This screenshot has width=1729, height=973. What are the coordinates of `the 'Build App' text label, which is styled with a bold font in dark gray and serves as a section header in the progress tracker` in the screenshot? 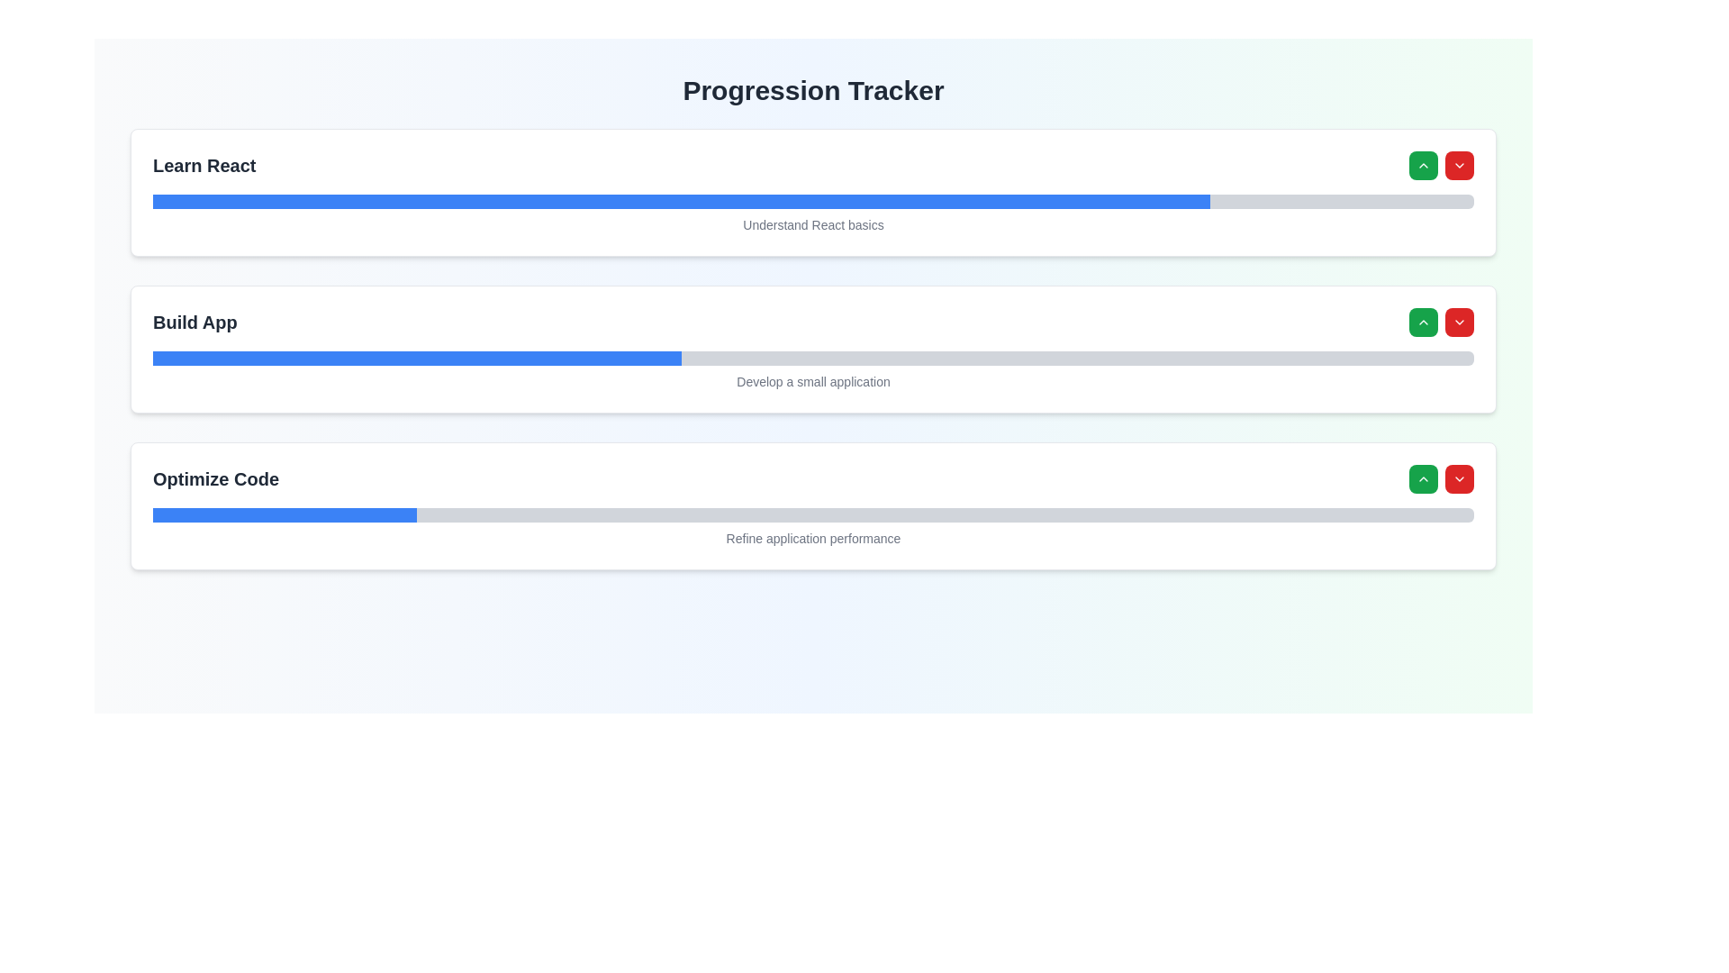 It's located at (195, 322).